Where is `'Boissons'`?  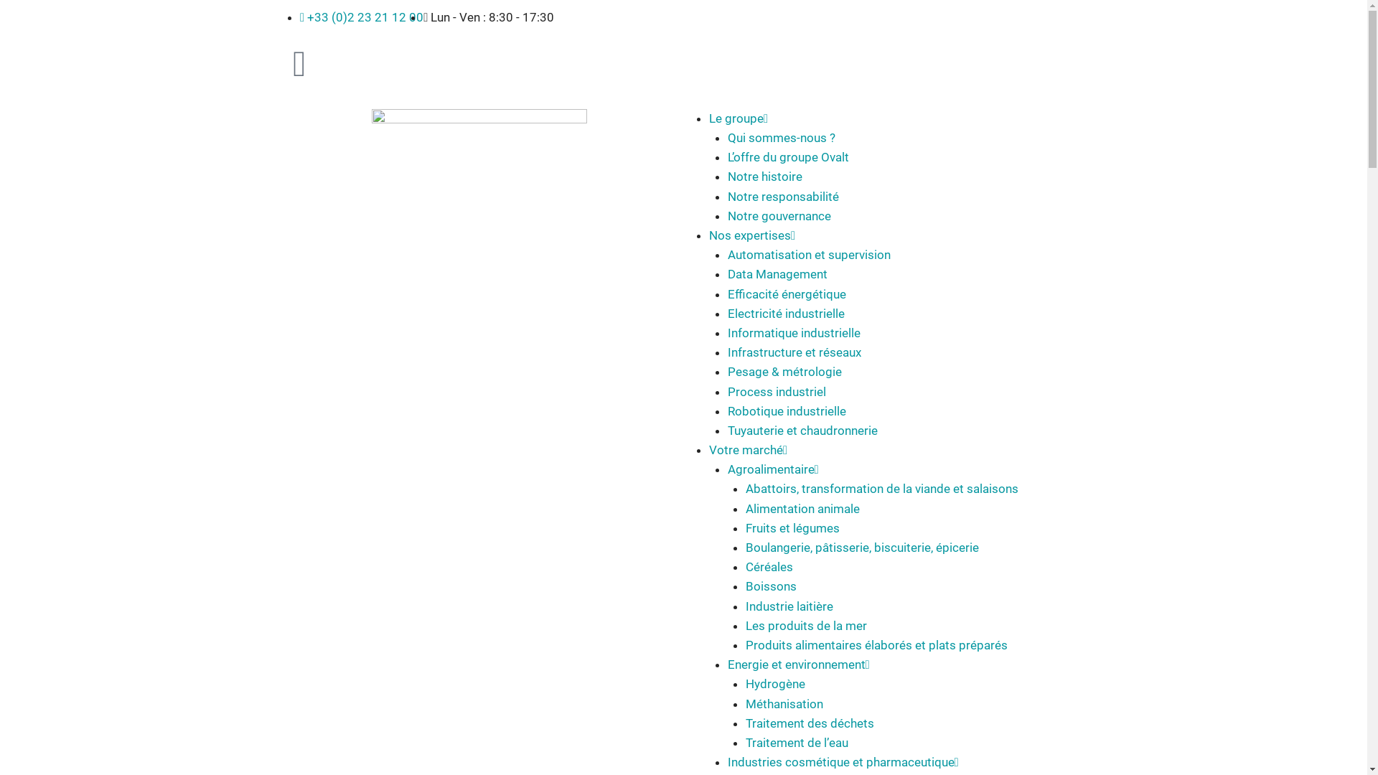 'Boissons' is located at coordinates (770, 586).